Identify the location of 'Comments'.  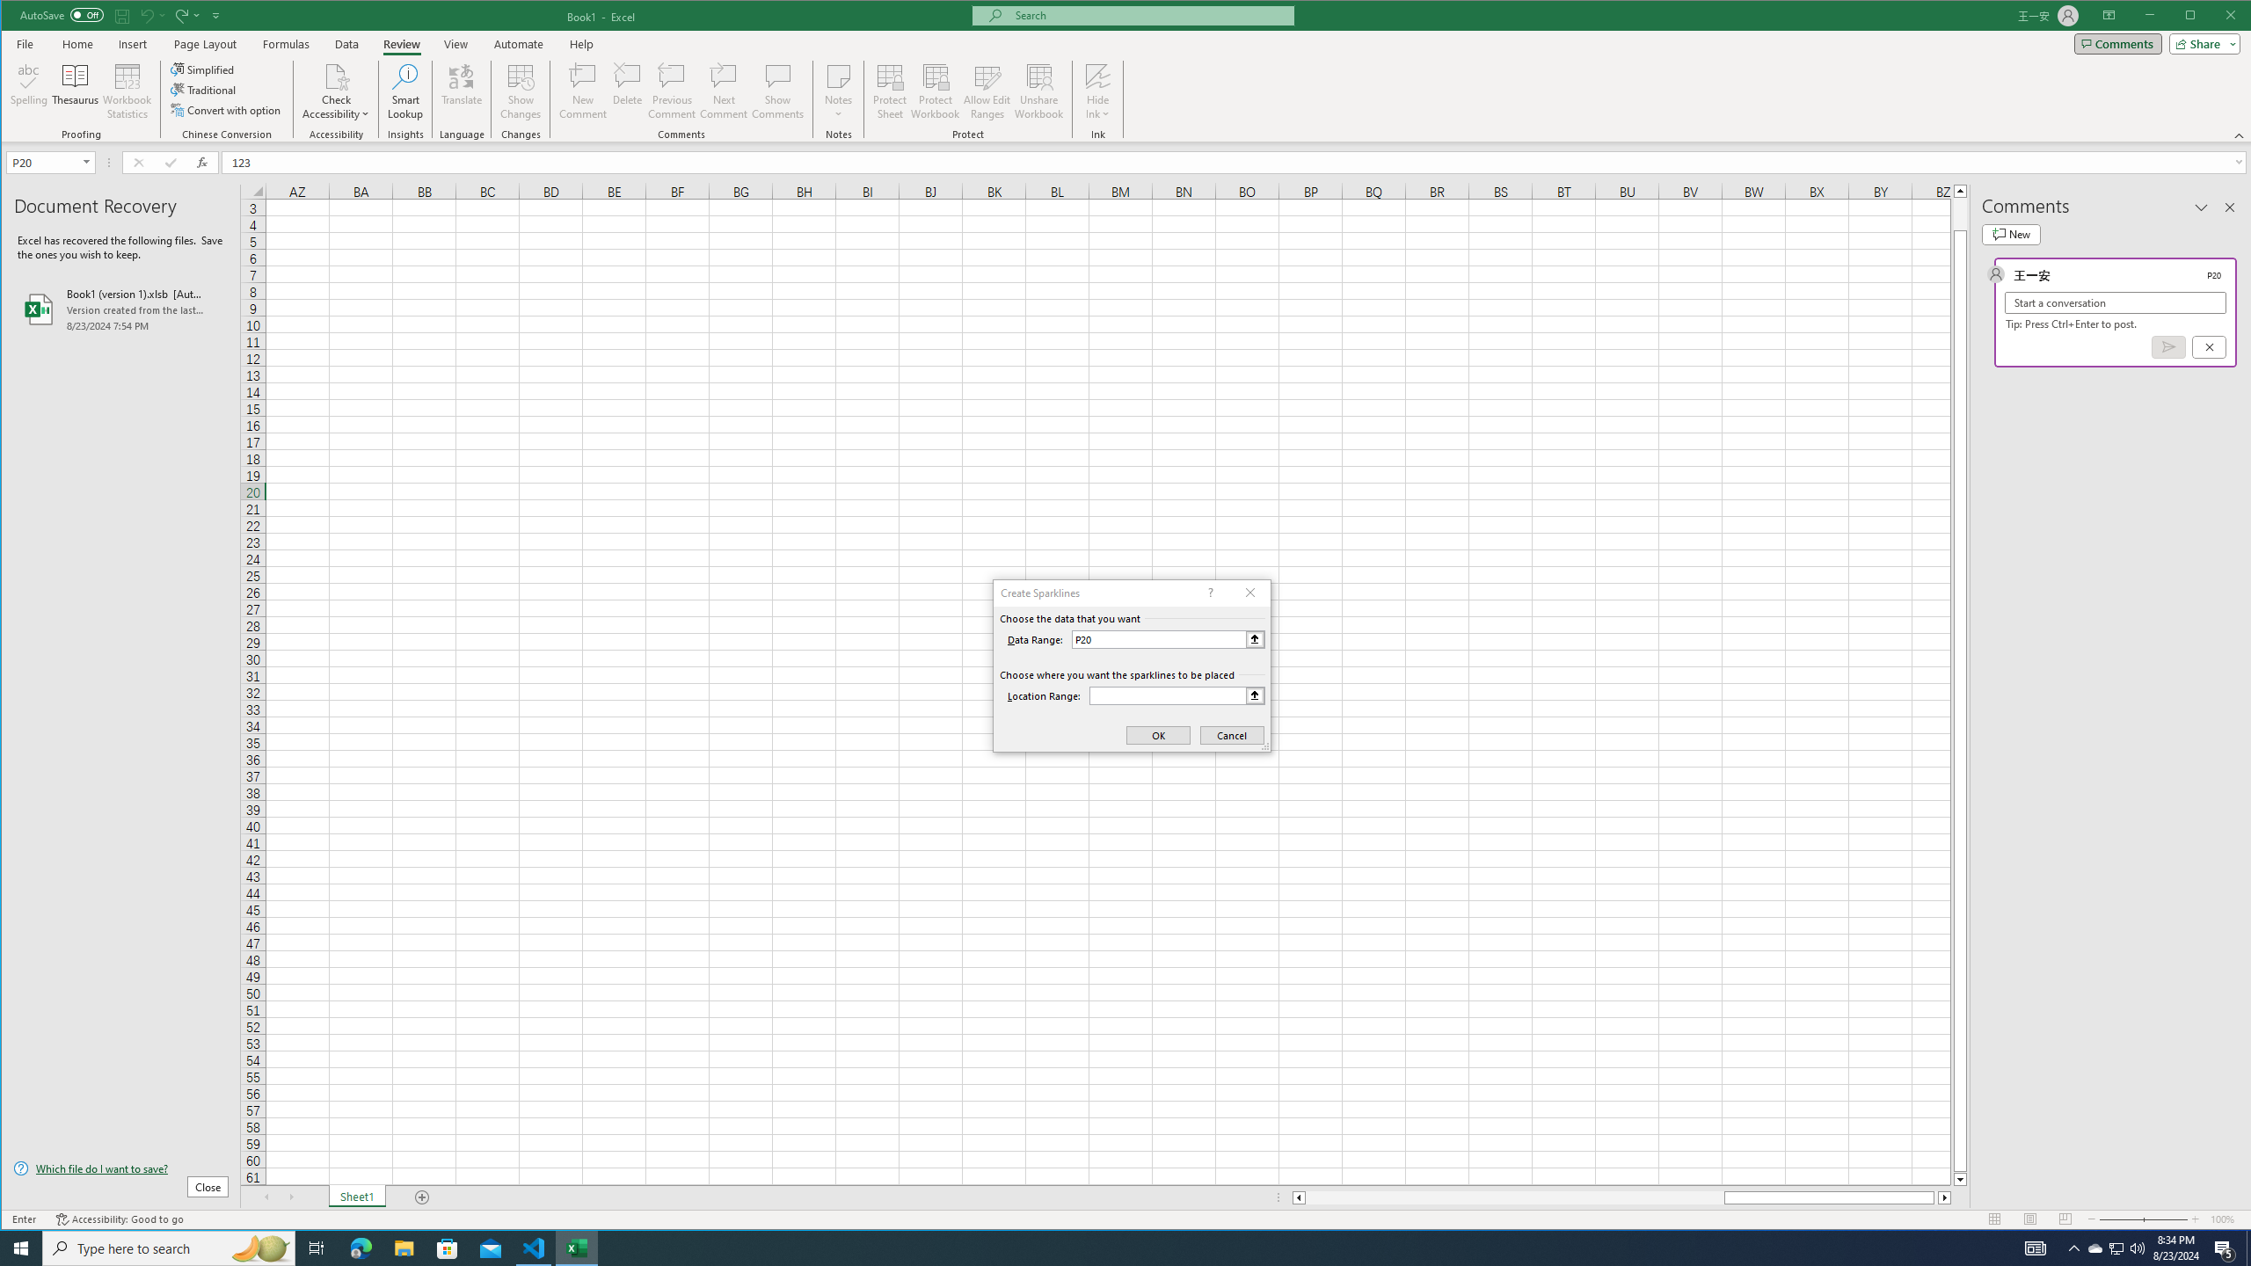
(2117, 43).